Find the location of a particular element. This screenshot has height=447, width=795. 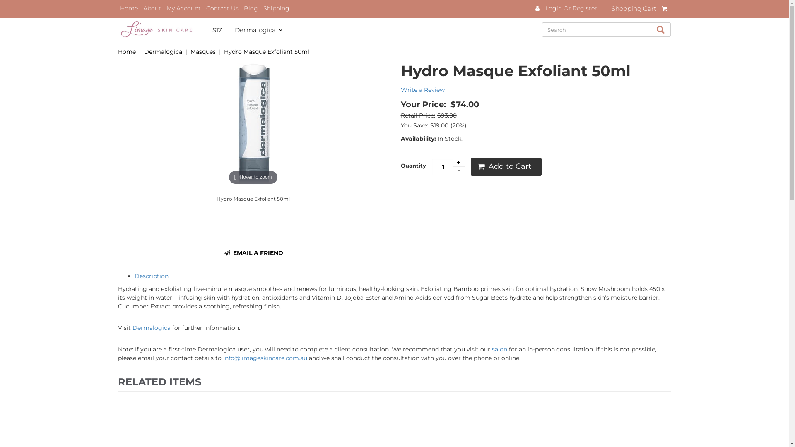

'Dermalogica' is located at coordinates (265, 28).